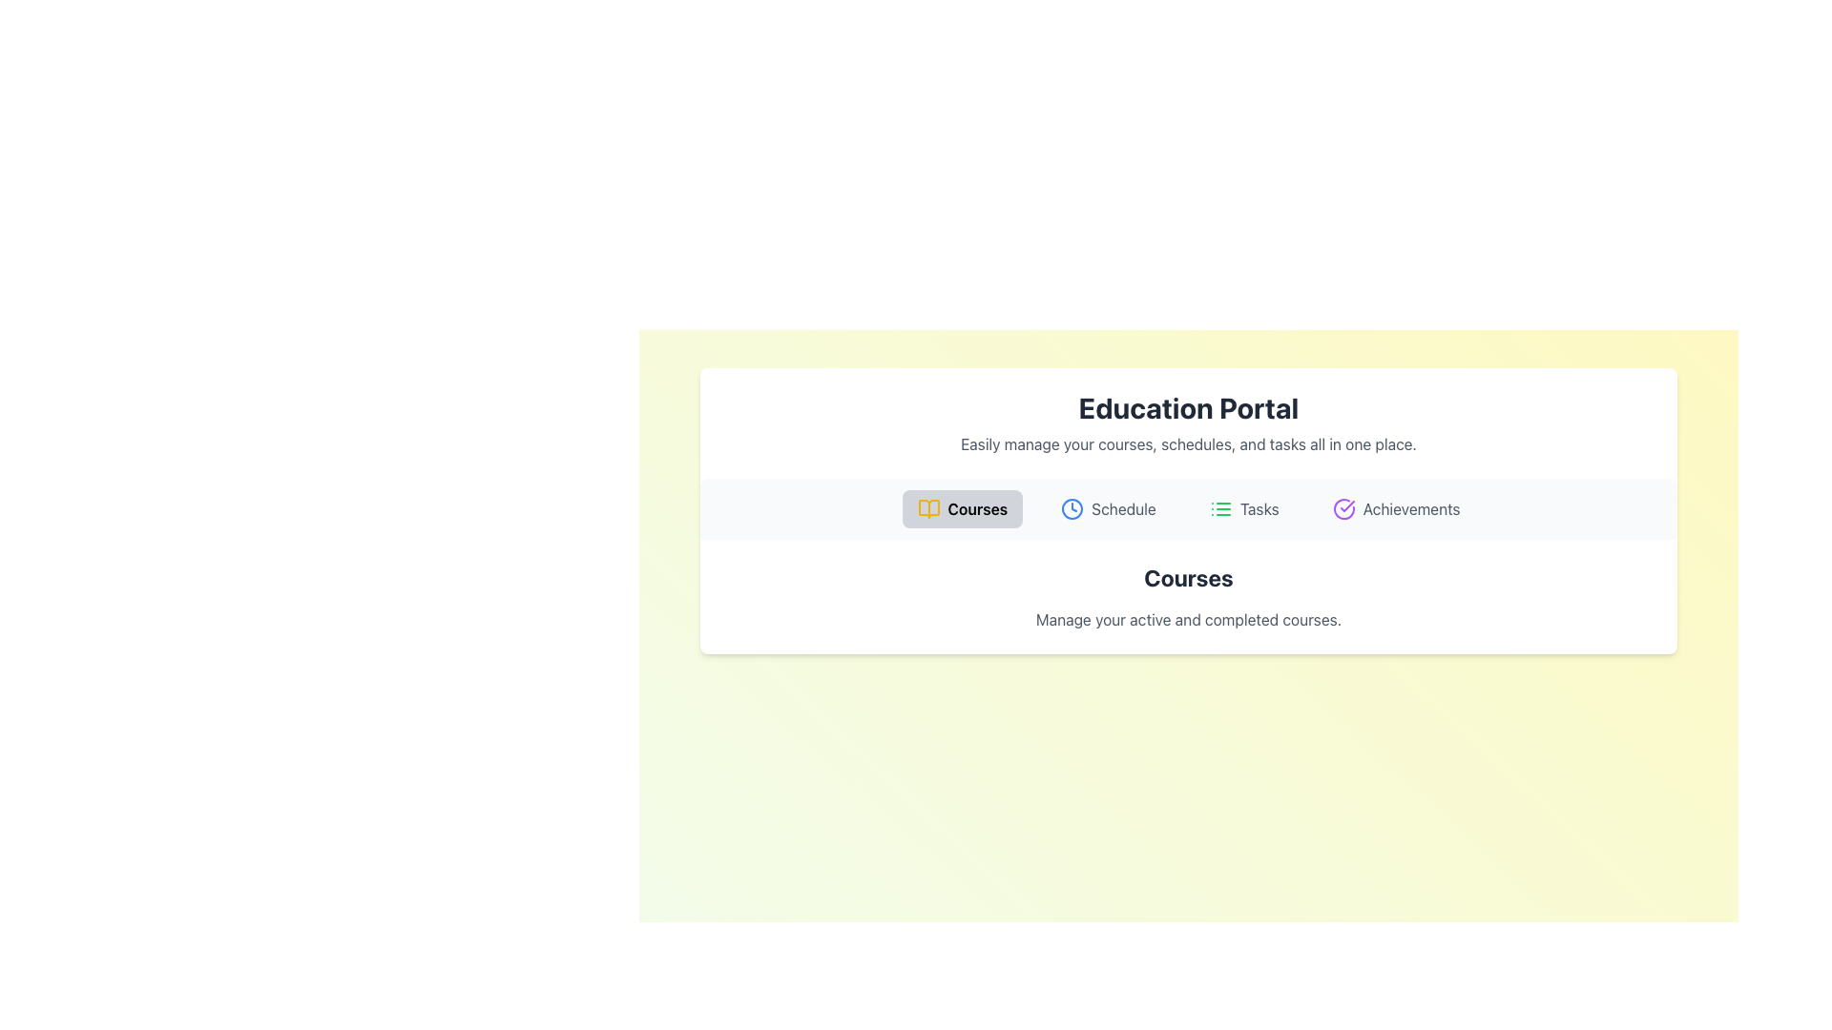 The image size is (1832, 1030). I want to click on the 'Achievements' button, which is the fourth button in the navigation bar, so click(1396, 507).